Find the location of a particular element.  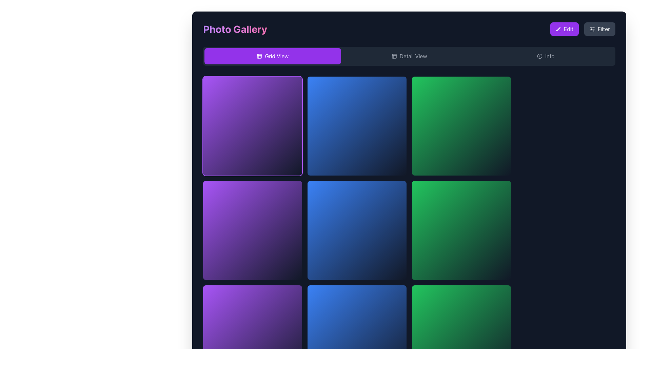

the gradient green to teal square-shaped interactive tile located is located at coordinates (461, 230).